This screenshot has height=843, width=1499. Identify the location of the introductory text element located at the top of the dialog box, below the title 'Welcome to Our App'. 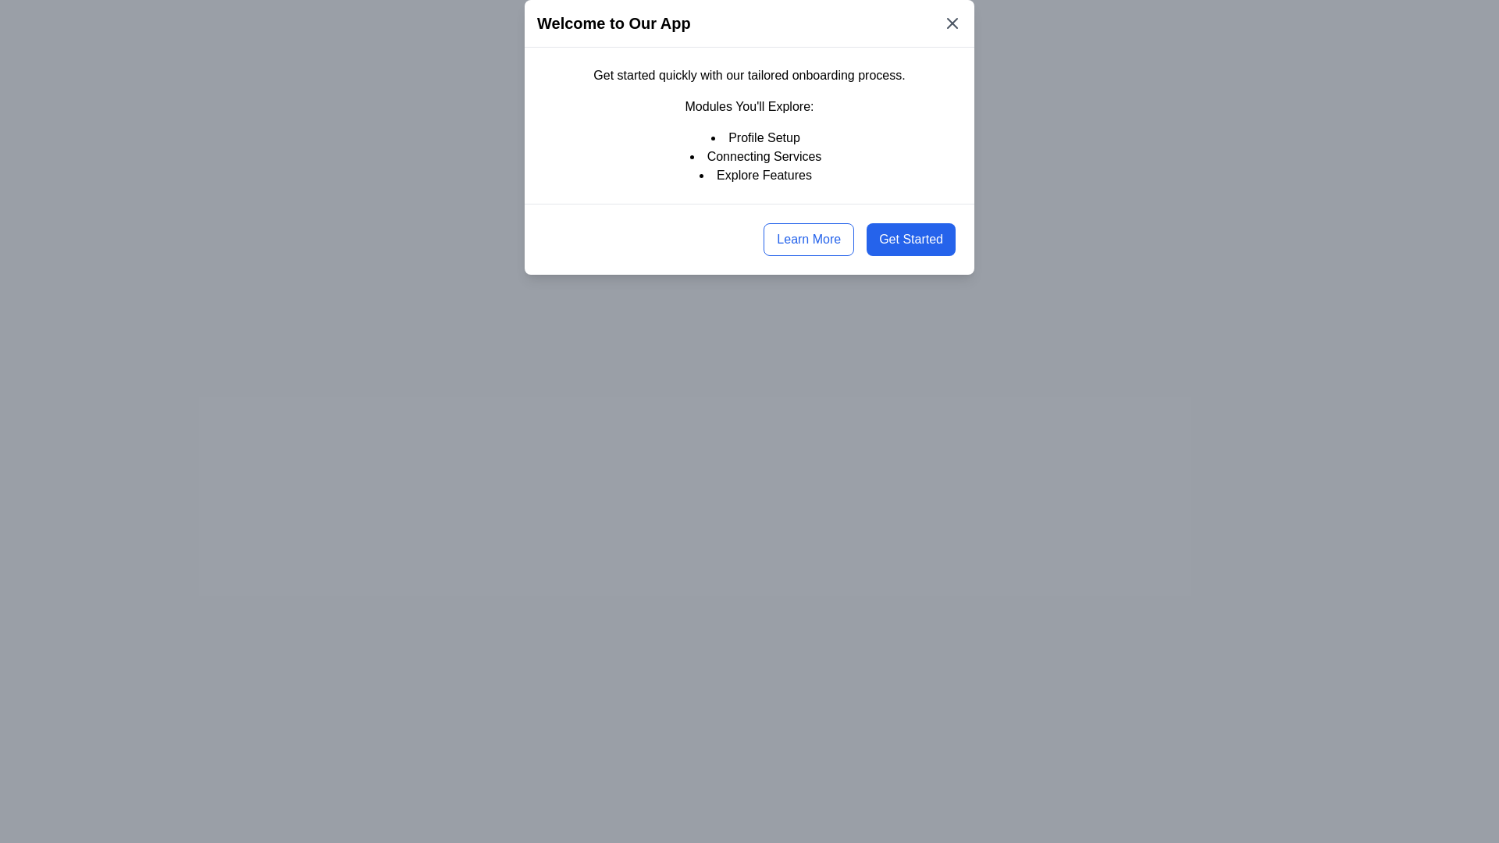
(749, 75).